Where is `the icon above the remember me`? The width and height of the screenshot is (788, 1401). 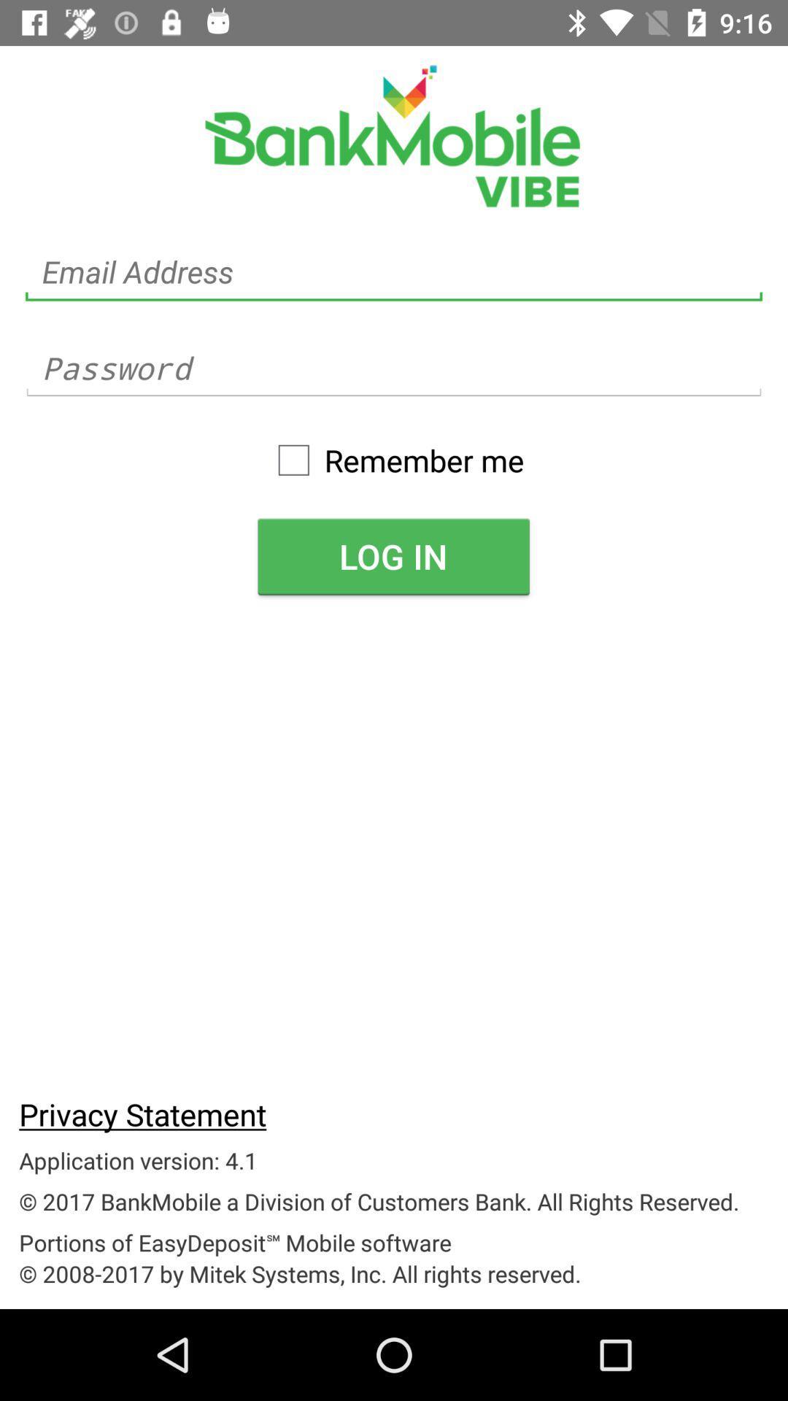
the icon above the remember me is located at coordinates (394, 368).